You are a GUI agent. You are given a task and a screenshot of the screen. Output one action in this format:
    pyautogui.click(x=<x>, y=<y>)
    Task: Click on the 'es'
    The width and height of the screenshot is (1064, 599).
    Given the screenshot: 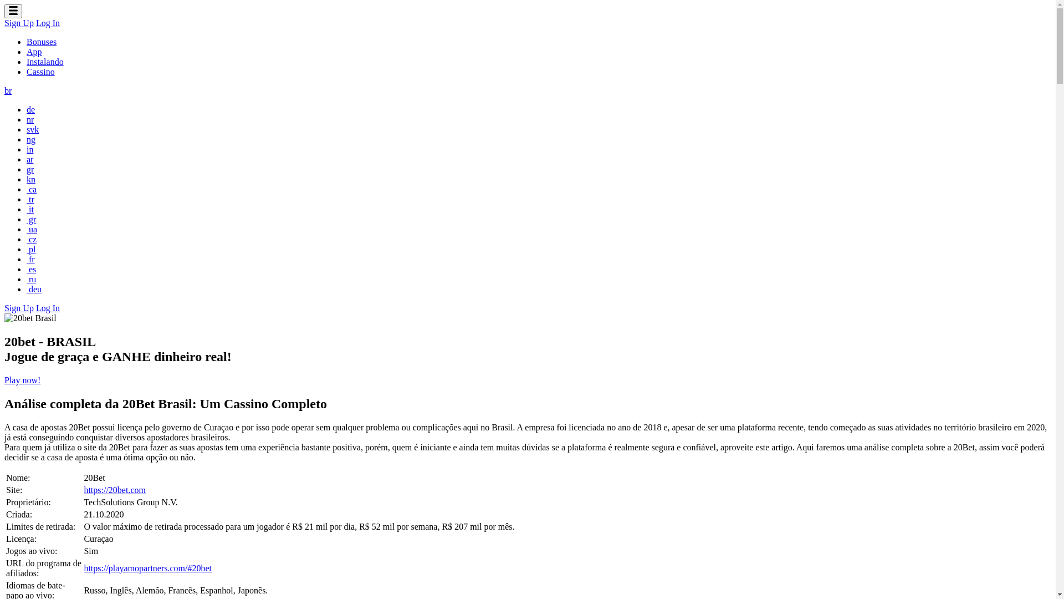 What is the action you would take?
    pyautogui.click(x=31, y=269)
    